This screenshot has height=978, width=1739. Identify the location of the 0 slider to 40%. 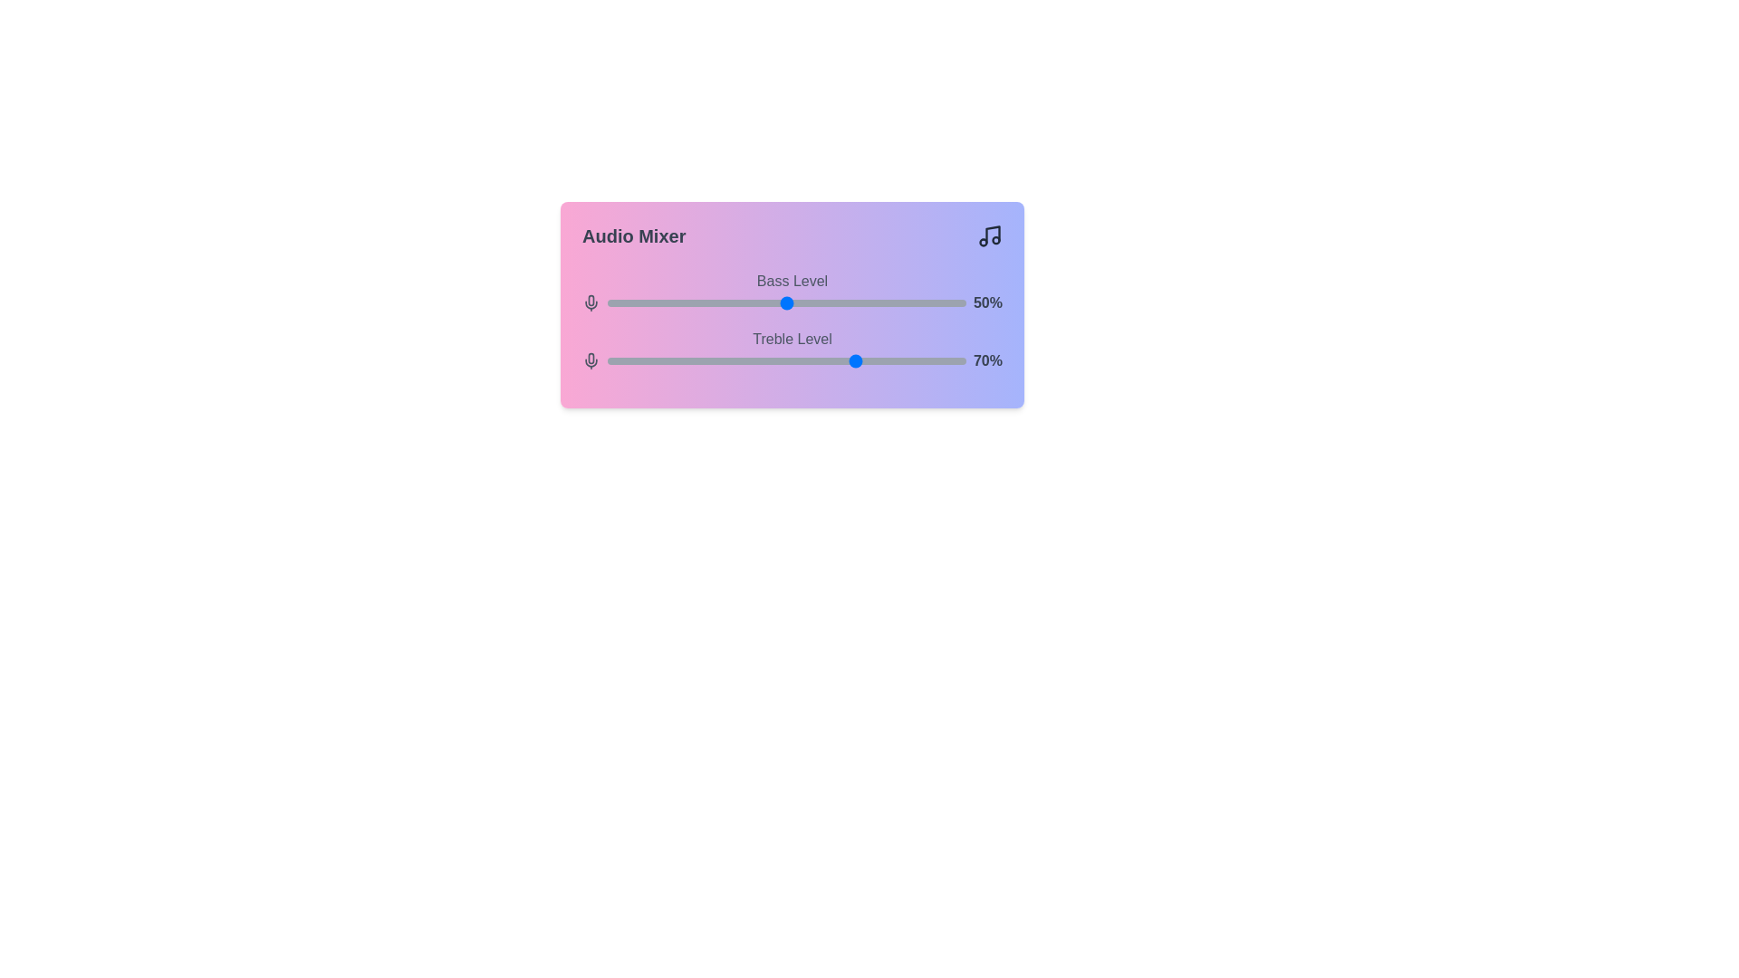
(751, 302).